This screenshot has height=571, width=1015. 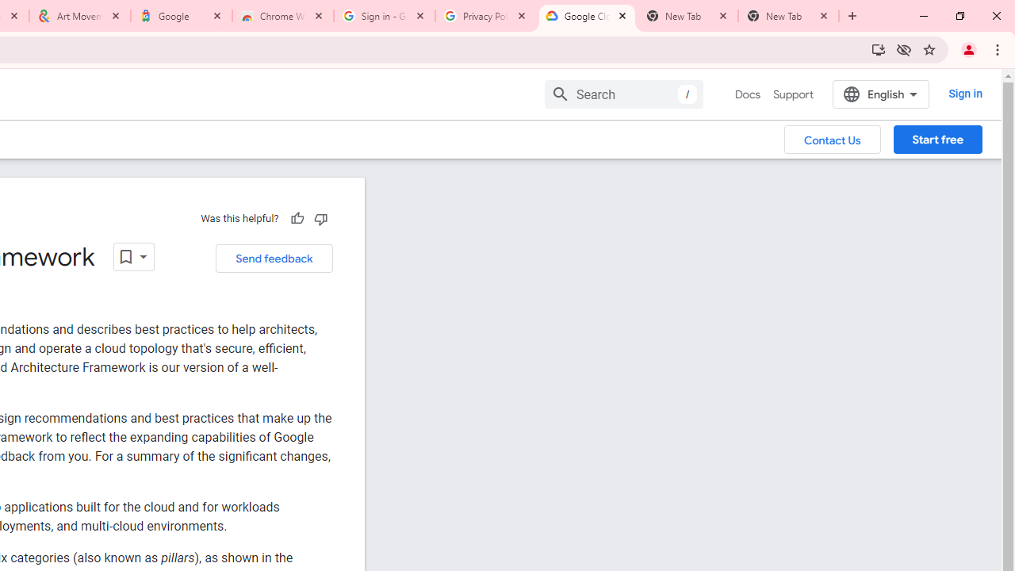 I want to click on 'New Tab', so click(x=788, y=16).